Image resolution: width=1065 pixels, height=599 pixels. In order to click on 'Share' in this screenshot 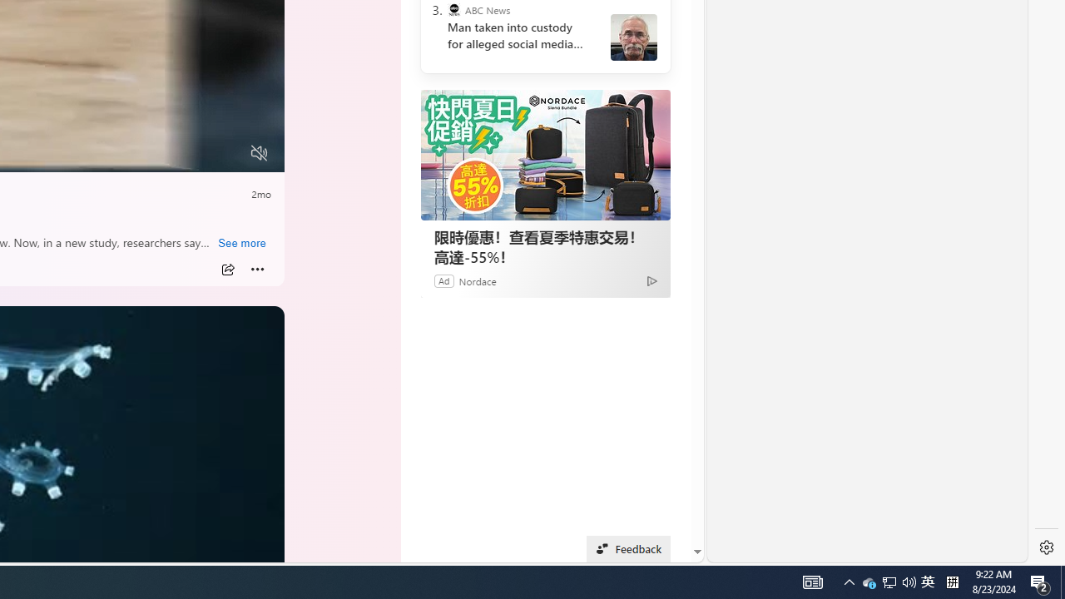, I will do `click(227, 269)`.